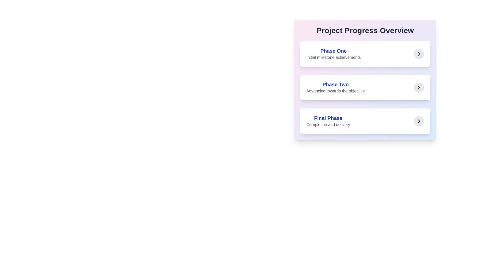 This screenshot has width=489, height=275. I want to click on the small circular button with a gray background and a right-facing black arrow icon, located at the far right of the 'Phase Two' section of the 'Project Progress Overview.', so click(419, 87).